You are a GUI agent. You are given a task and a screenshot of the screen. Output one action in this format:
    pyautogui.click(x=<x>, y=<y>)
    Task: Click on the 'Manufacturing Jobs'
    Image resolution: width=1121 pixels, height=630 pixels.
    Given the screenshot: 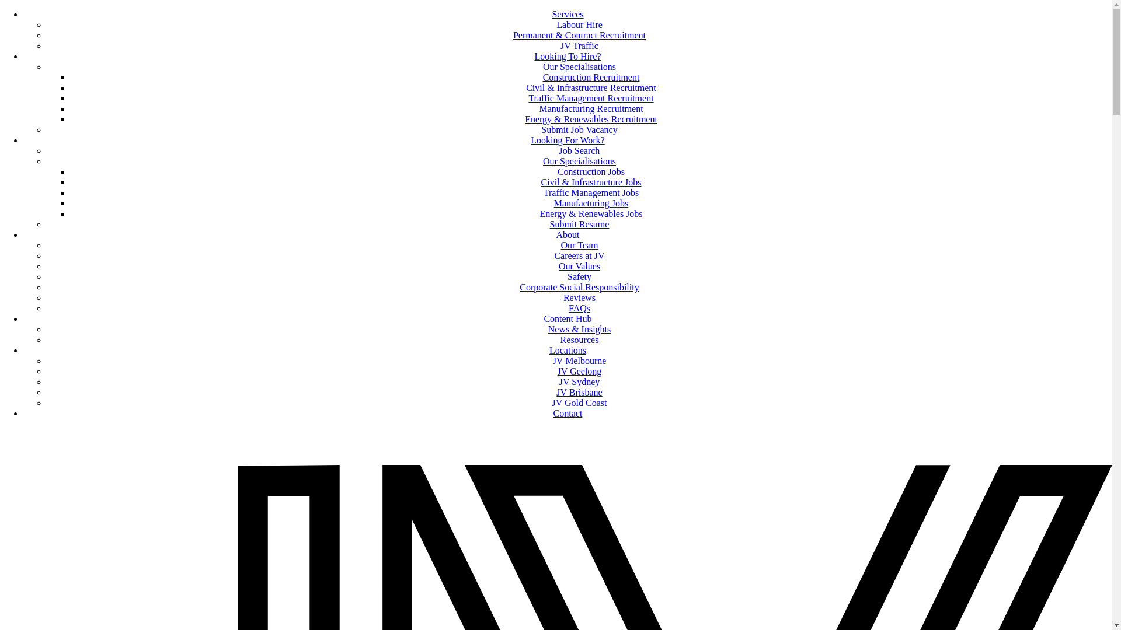 What is the action you would take?
    pyautogui.click(x=591, y=202)
    